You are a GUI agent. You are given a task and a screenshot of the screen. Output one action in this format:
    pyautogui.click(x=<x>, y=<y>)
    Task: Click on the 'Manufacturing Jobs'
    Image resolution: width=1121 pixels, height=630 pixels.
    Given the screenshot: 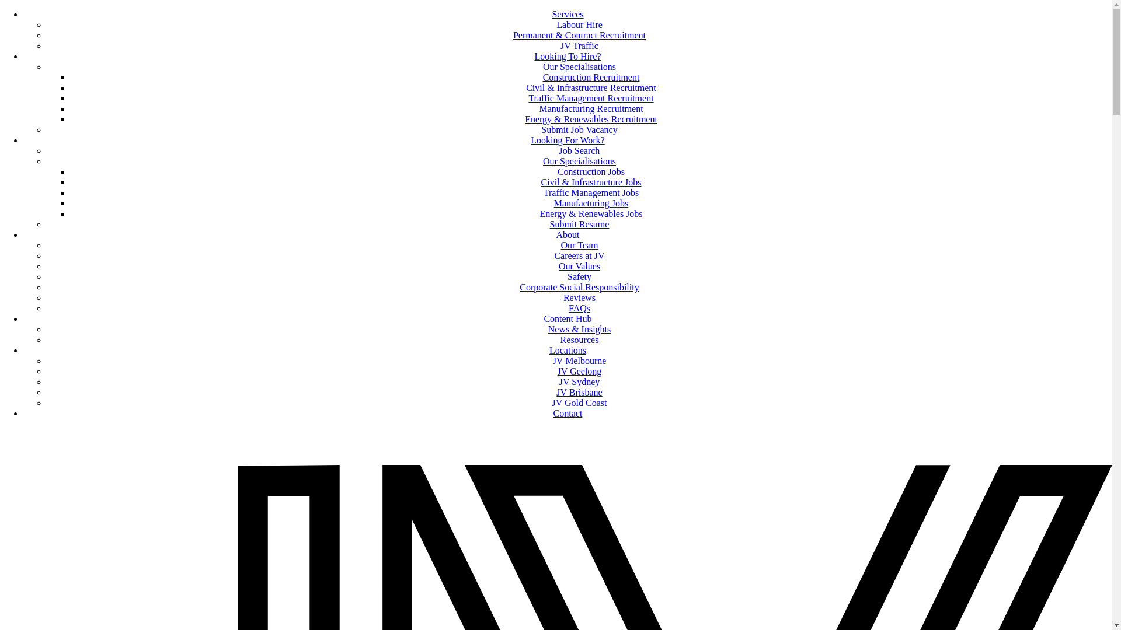 What is the action you would take?
    pyautogui.click(x=591, y=202)
    